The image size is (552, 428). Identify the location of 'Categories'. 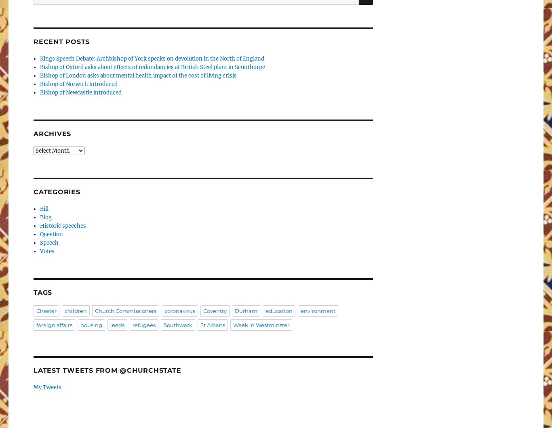
(56, 191).